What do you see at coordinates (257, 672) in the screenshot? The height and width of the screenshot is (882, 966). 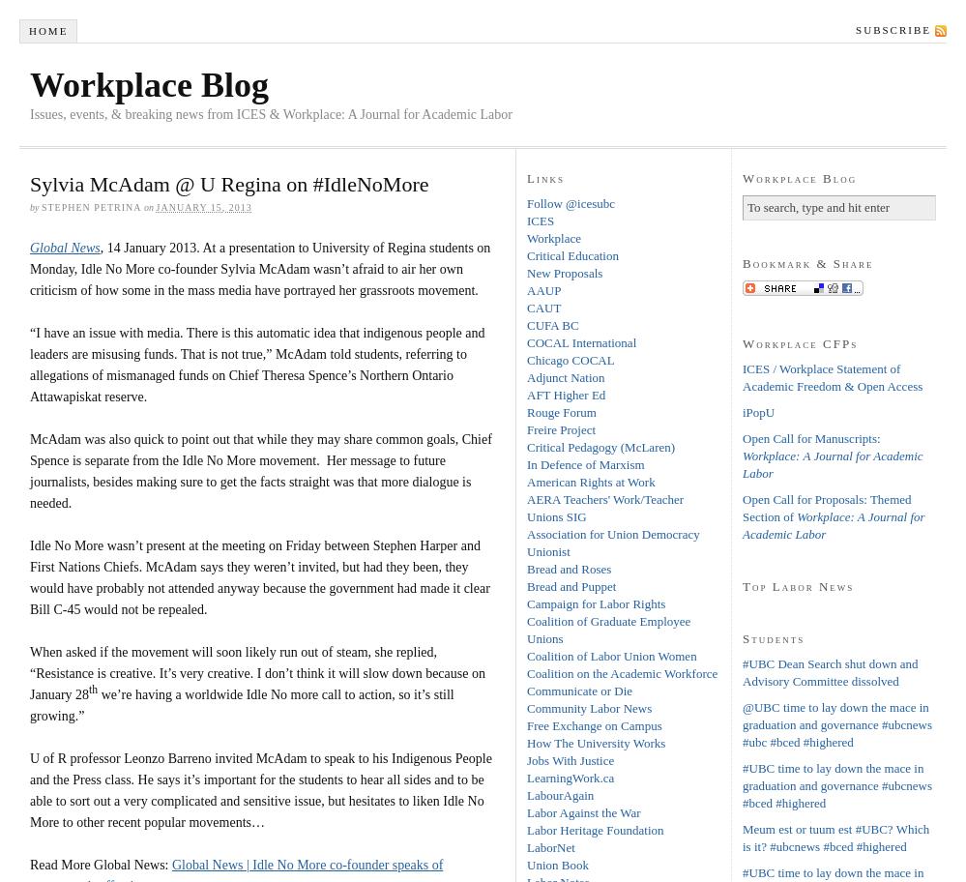 I see `'When asked if the movement will soon likely run out of steam, she replied, “Resistance is creative. It’s very creative. I don’t think it will slow down because on January 28'` at bounding box center [257, 672].